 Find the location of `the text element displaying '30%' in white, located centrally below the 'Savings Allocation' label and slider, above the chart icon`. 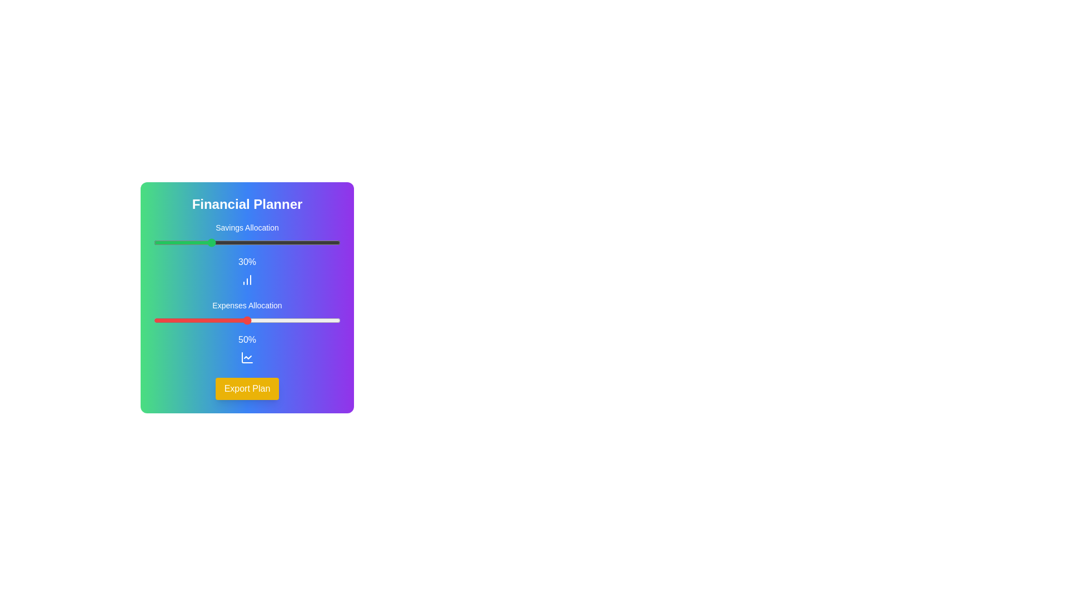

the text element displaying '30%' in white, located centrally below the 'Savings Allocation' label and slider, above the chart icon is located at coordinates (247, 262).